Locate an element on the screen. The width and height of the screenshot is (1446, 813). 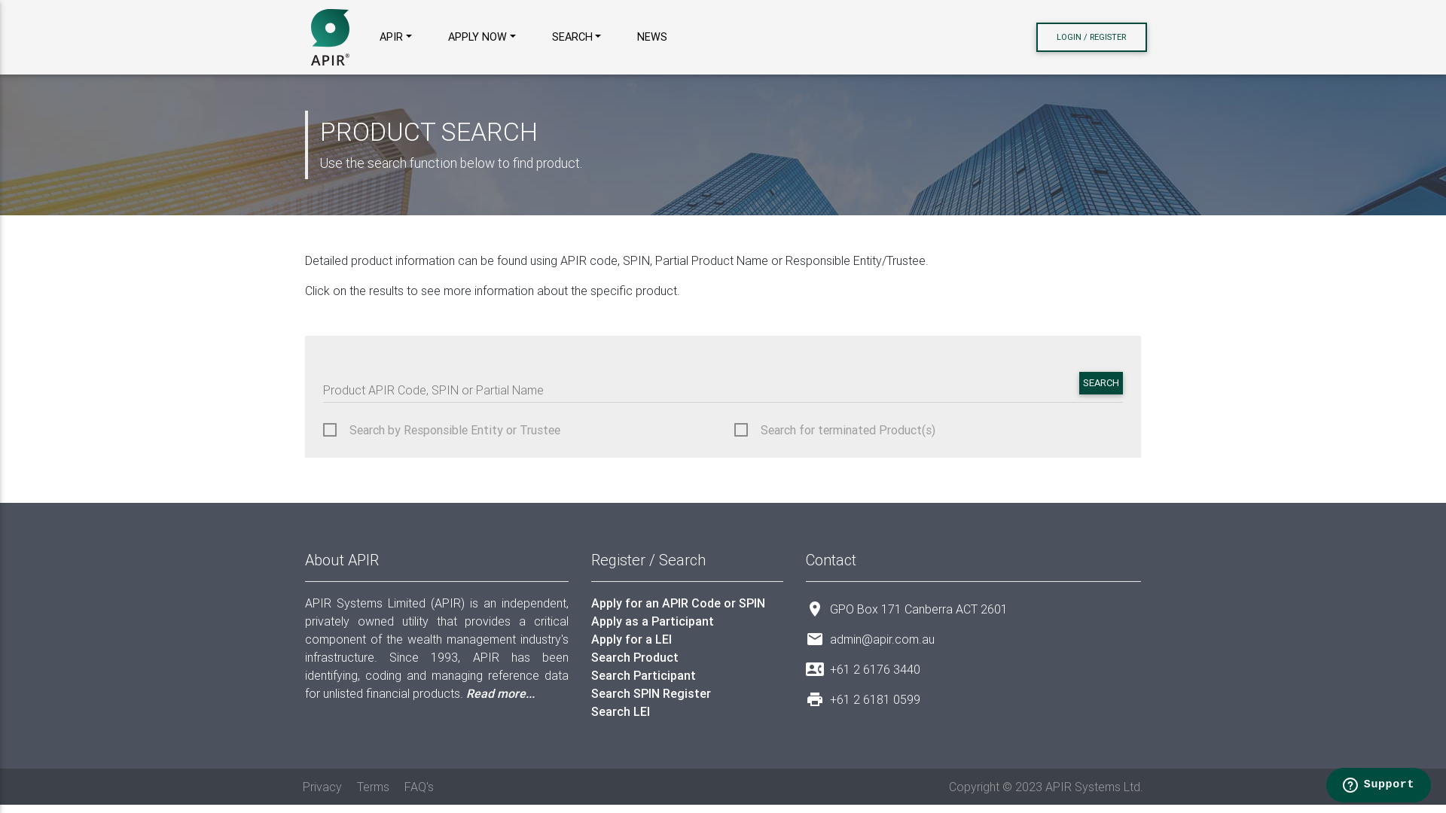
'FAQ's' is located at coordinates (419, 786).